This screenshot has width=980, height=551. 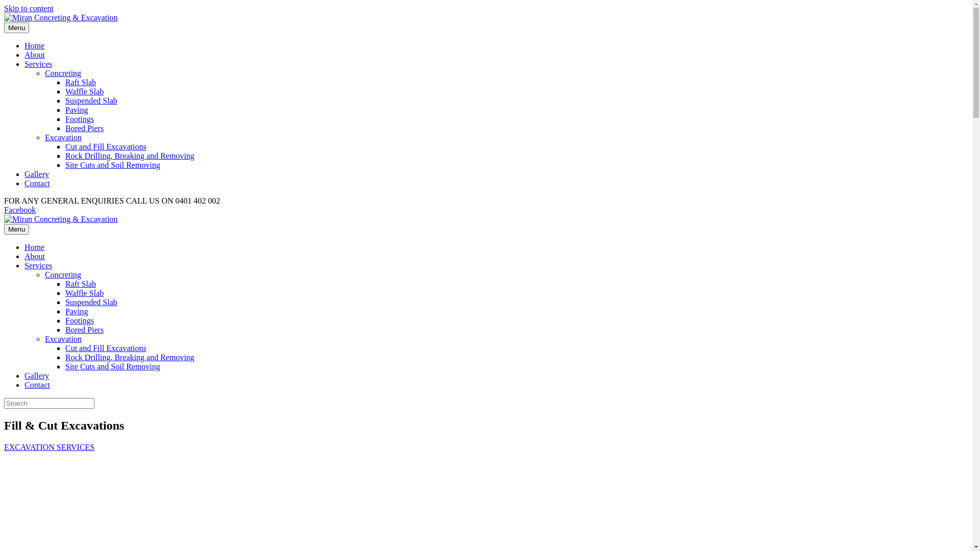 What do you see at coordinates (34, 247) in the screenshot?
I see `'Home'` at bounding box center [34, 247].